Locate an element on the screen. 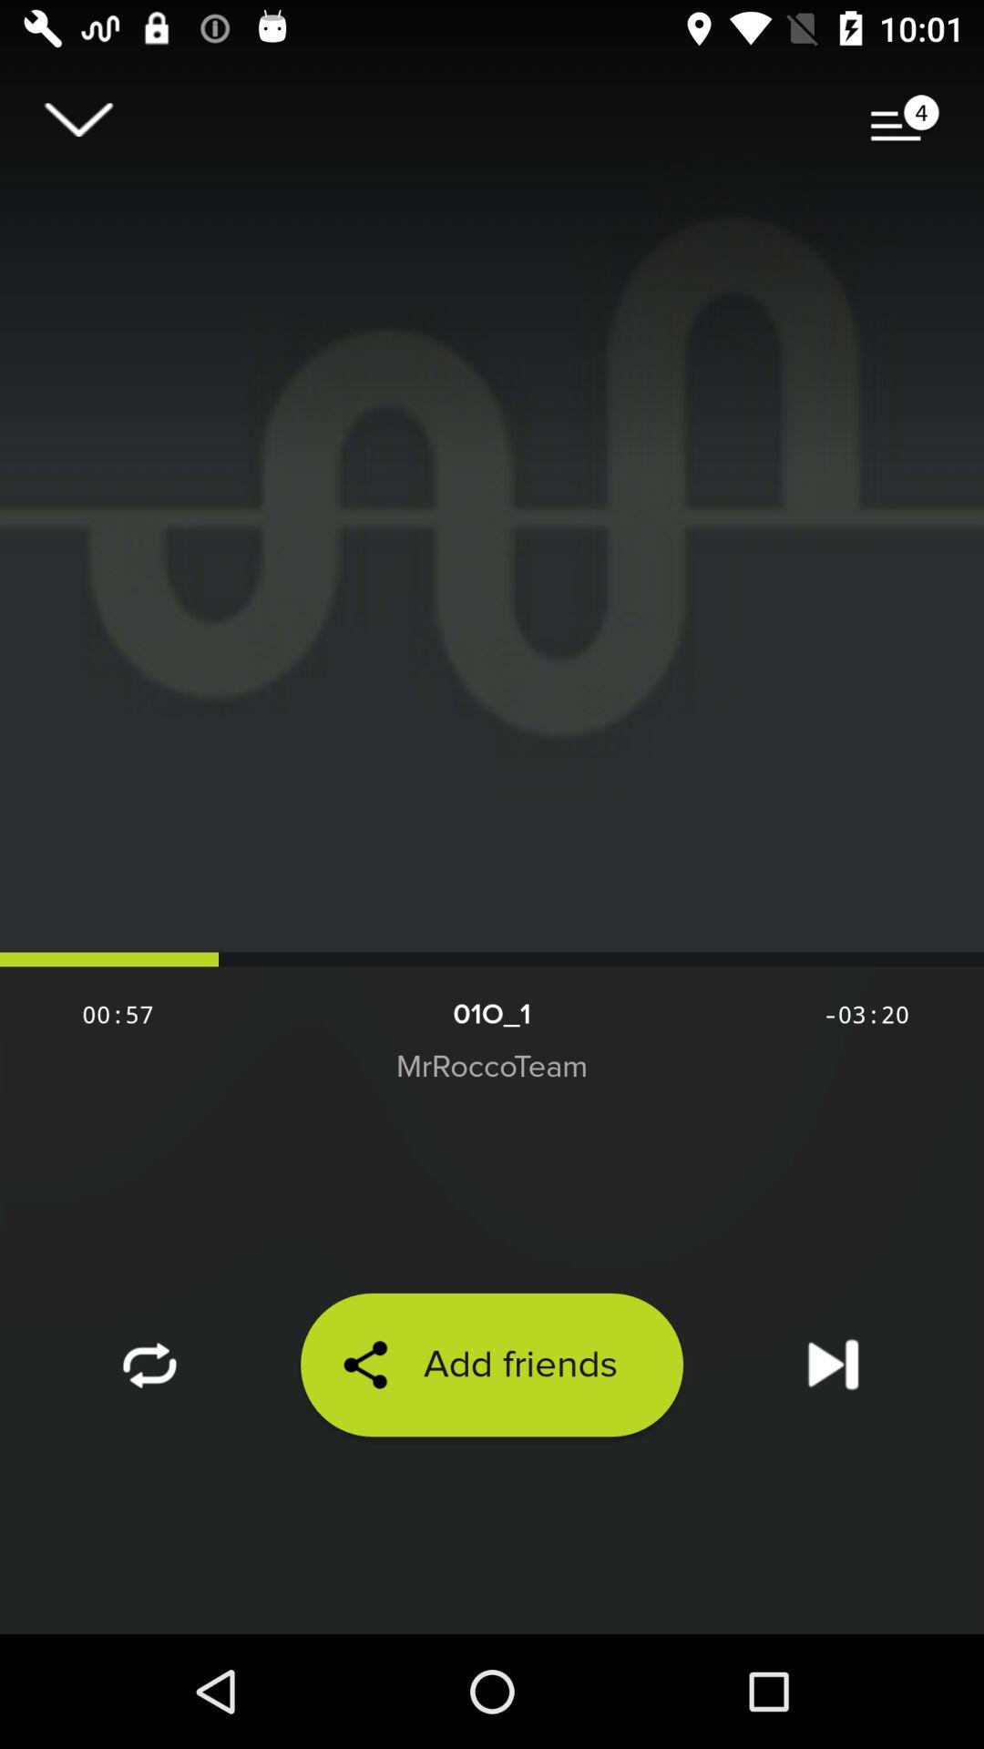 The image size is (984, 1749). the expand_more icon is located at coordinates (77, 127).